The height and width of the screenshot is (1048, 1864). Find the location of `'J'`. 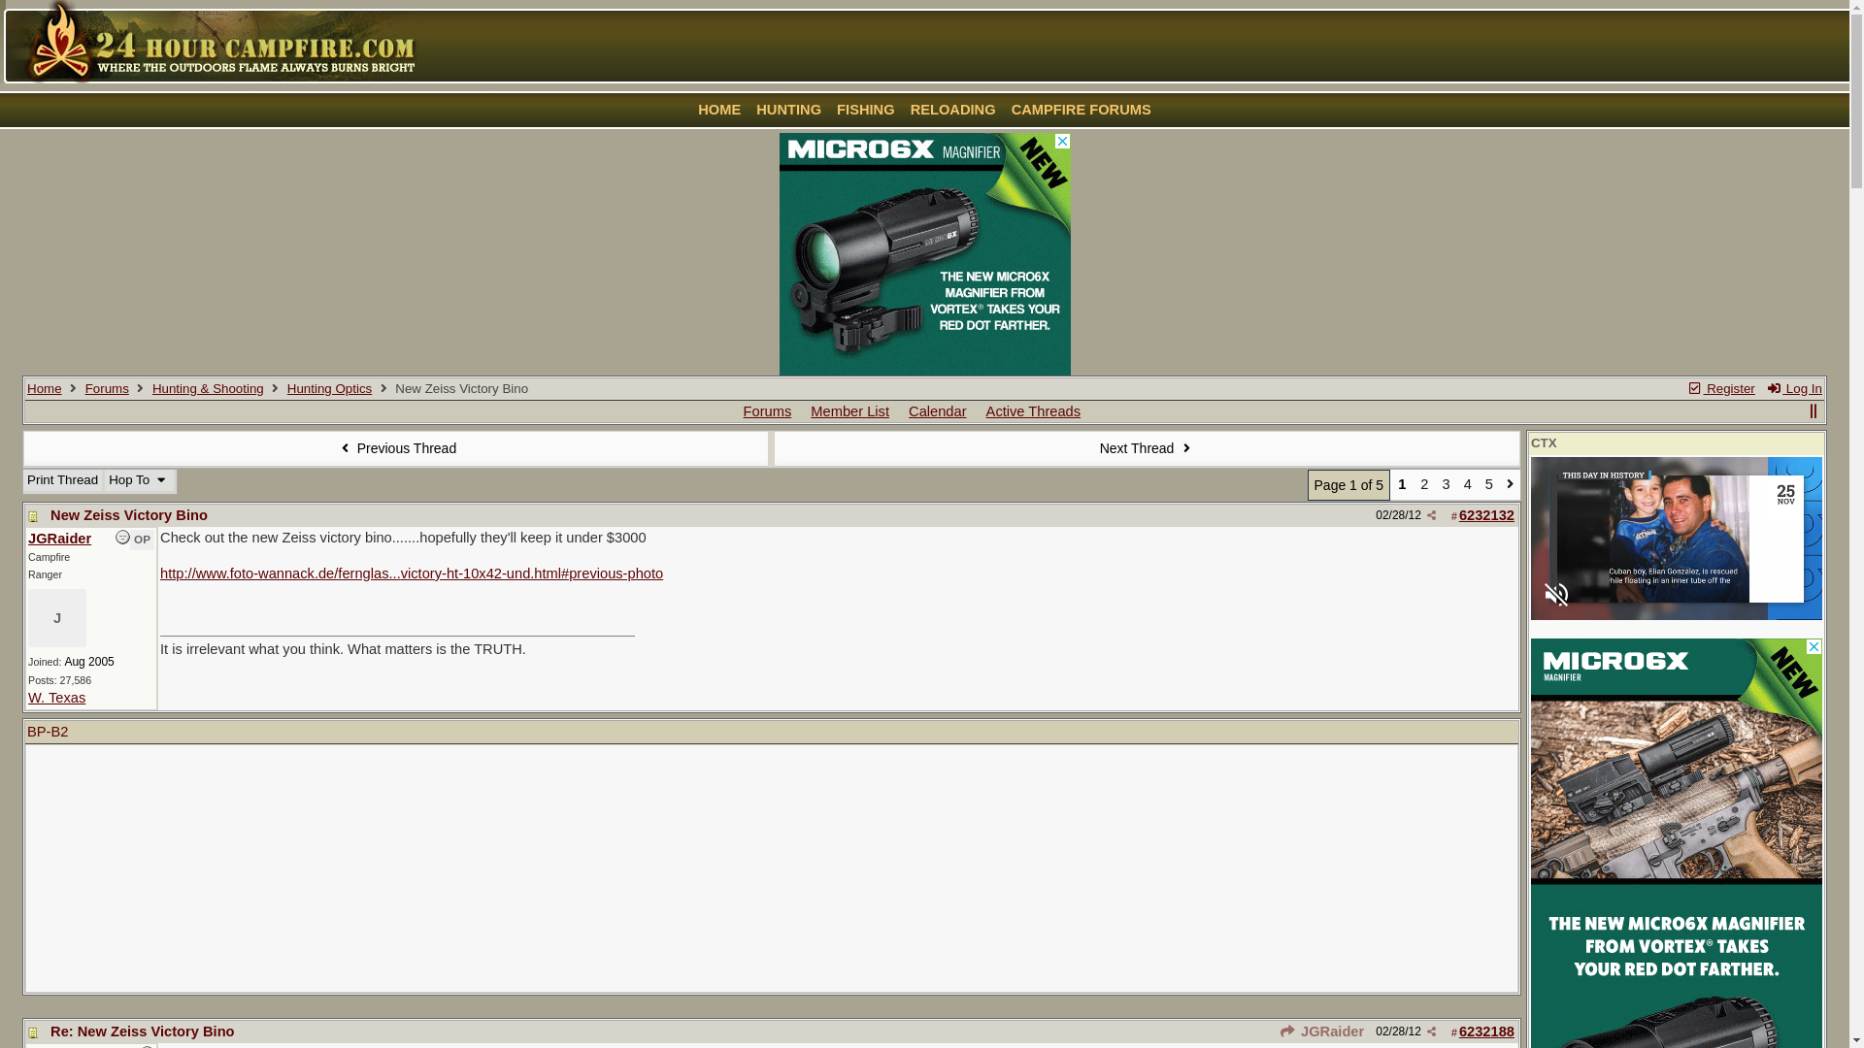

'J' is located at coordinates (56, 617).